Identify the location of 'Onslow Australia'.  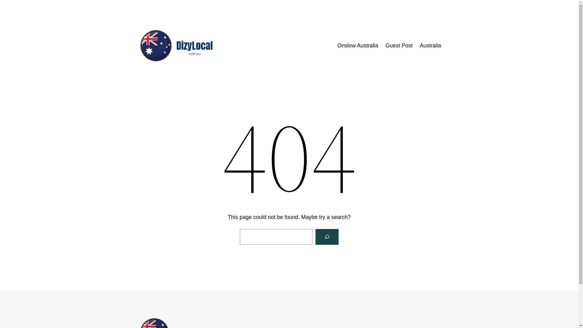
(337, 45).